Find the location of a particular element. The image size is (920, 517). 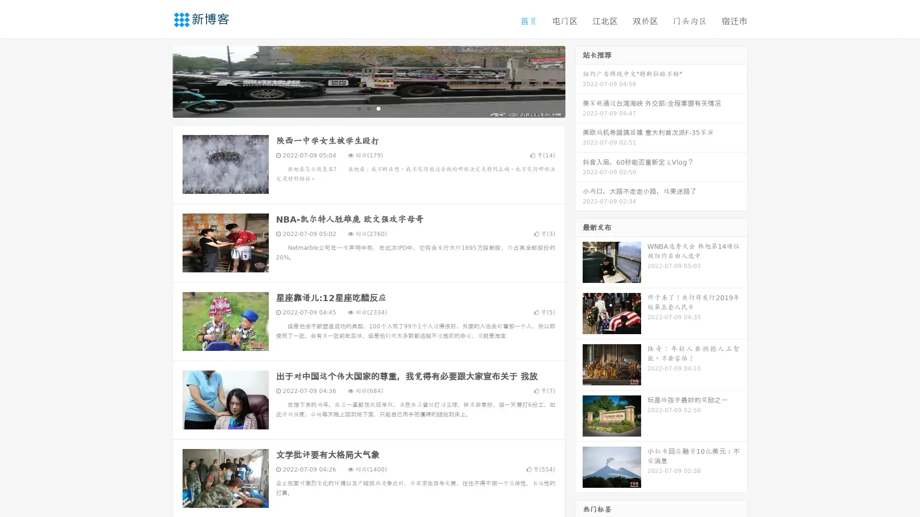

Go to slide 3 is located at coordinates (378, 108).